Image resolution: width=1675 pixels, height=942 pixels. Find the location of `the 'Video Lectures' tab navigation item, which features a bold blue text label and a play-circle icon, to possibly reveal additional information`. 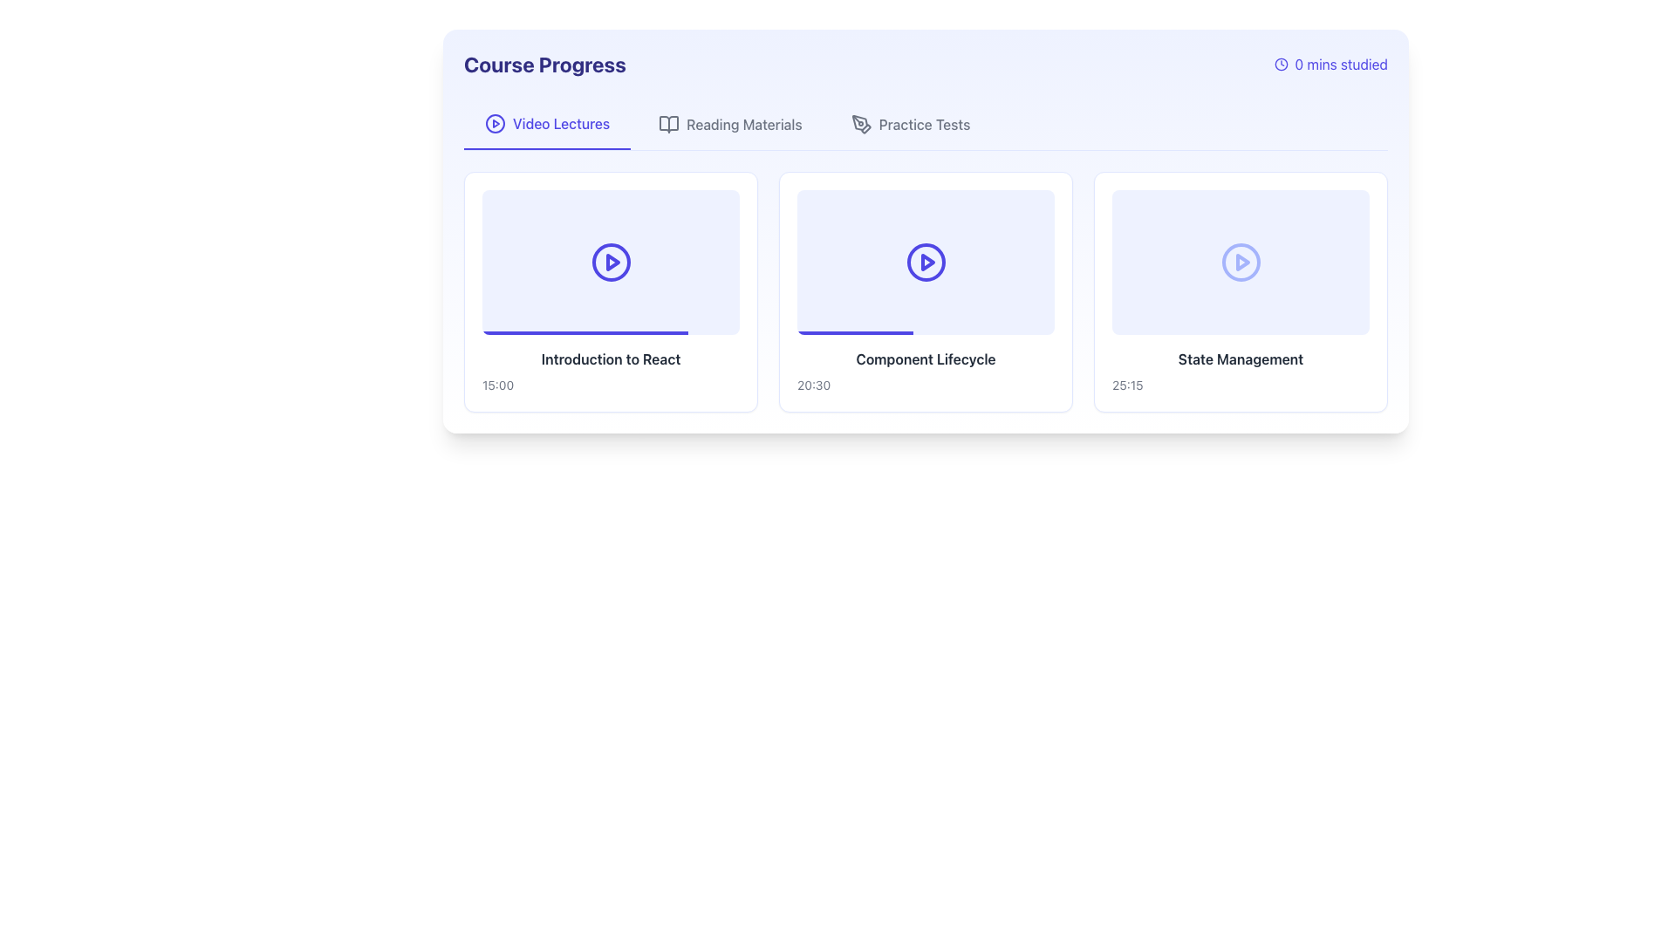

the 'Video Lectures' tab navigation item, which features a bold blue text label and a play-circle icon, to possibly reveal additional information is located at coordinates (546, 123).